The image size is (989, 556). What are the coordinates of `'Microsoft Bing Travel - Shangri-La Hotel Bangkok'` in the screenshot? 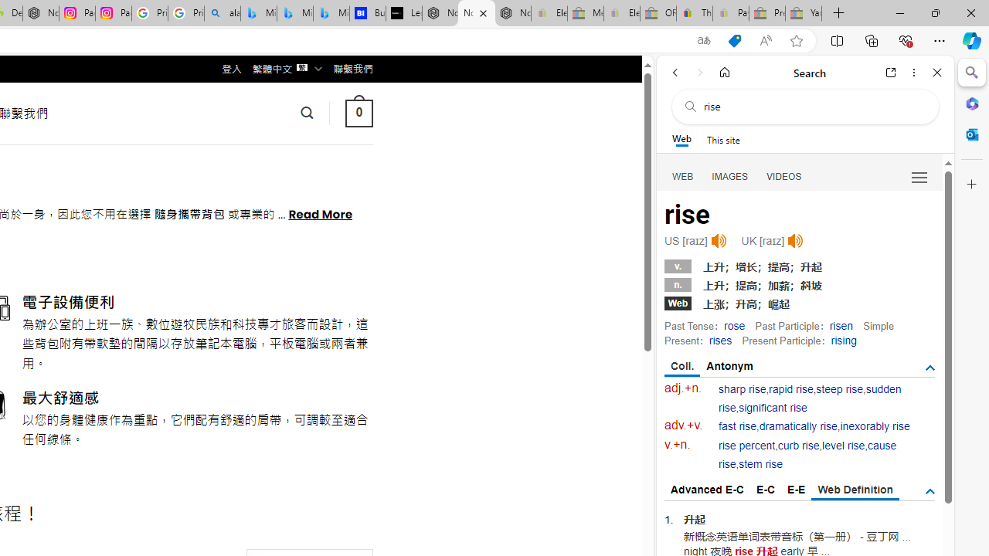 It's located at (330, 13).